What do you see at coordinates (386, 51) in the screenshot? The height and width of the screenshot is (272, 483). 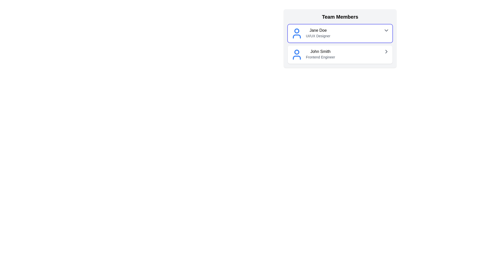 I see `the right-pointing chevron arrow icon associated with the second team member 'John Smith'` at bounding box center [386, 51].